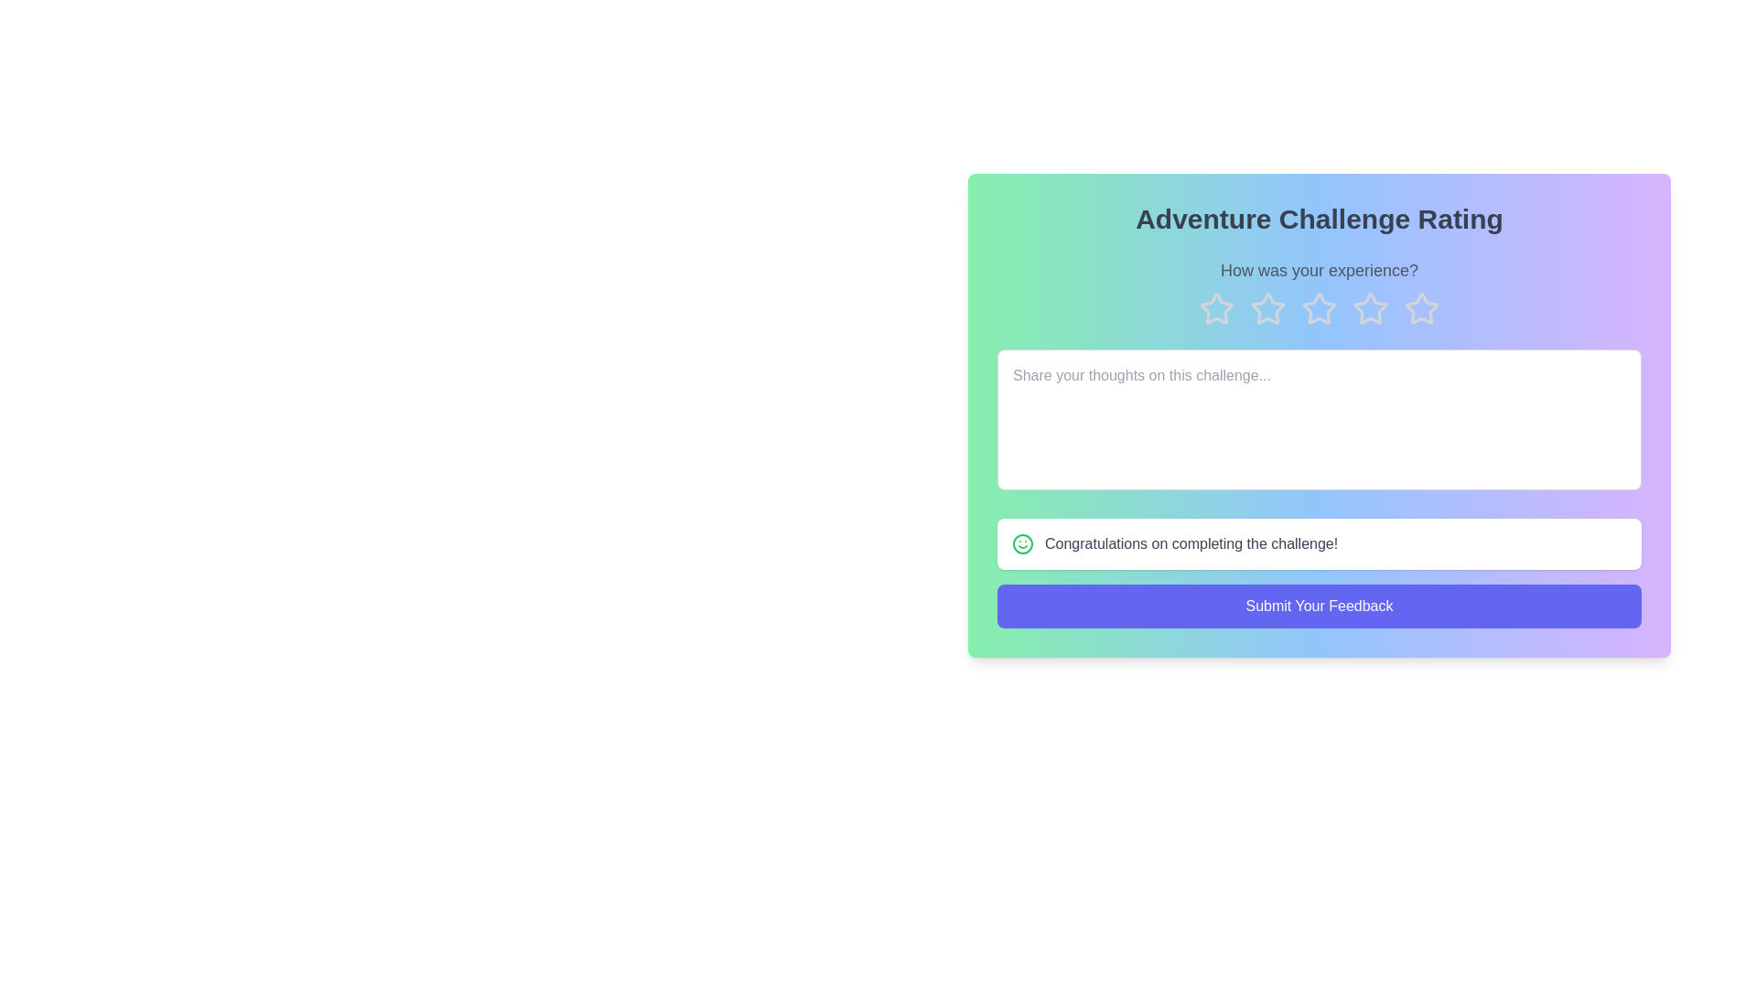 The image size is (1757, 988). Describe the element at coordinates (1319, 271) in the screenshot. I see `the subtitle text that reads 'How was your experience?', which is styled in gray and positioned centrally below the main heading and above the rating stars` at that location.